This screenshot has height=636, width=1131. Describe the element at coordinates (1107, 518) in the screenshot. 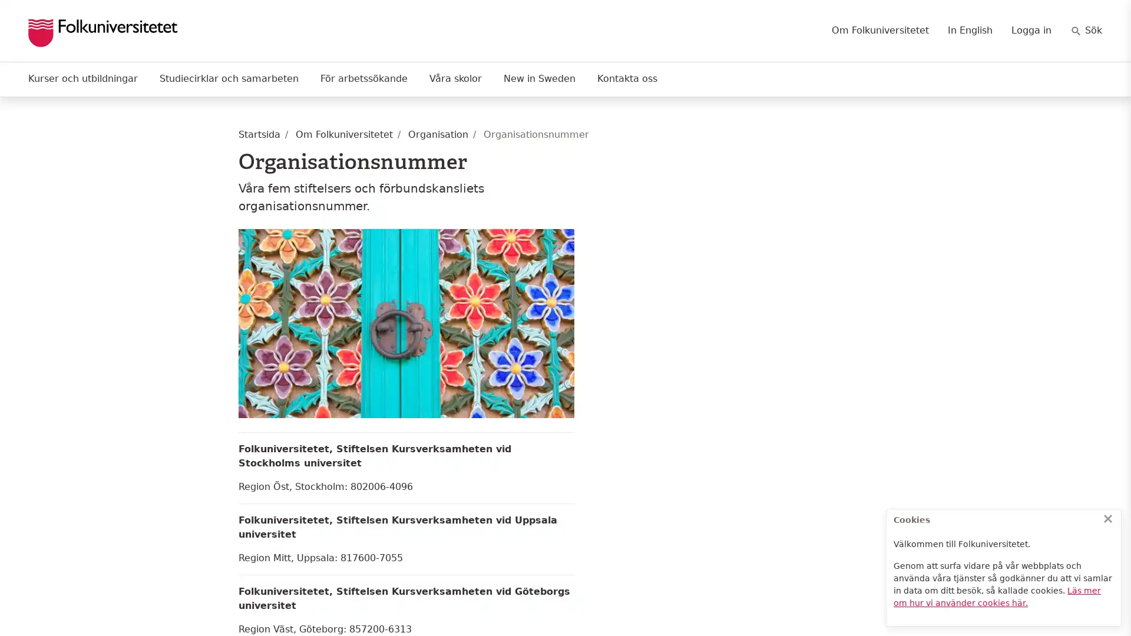

I see `Stang` at that location.